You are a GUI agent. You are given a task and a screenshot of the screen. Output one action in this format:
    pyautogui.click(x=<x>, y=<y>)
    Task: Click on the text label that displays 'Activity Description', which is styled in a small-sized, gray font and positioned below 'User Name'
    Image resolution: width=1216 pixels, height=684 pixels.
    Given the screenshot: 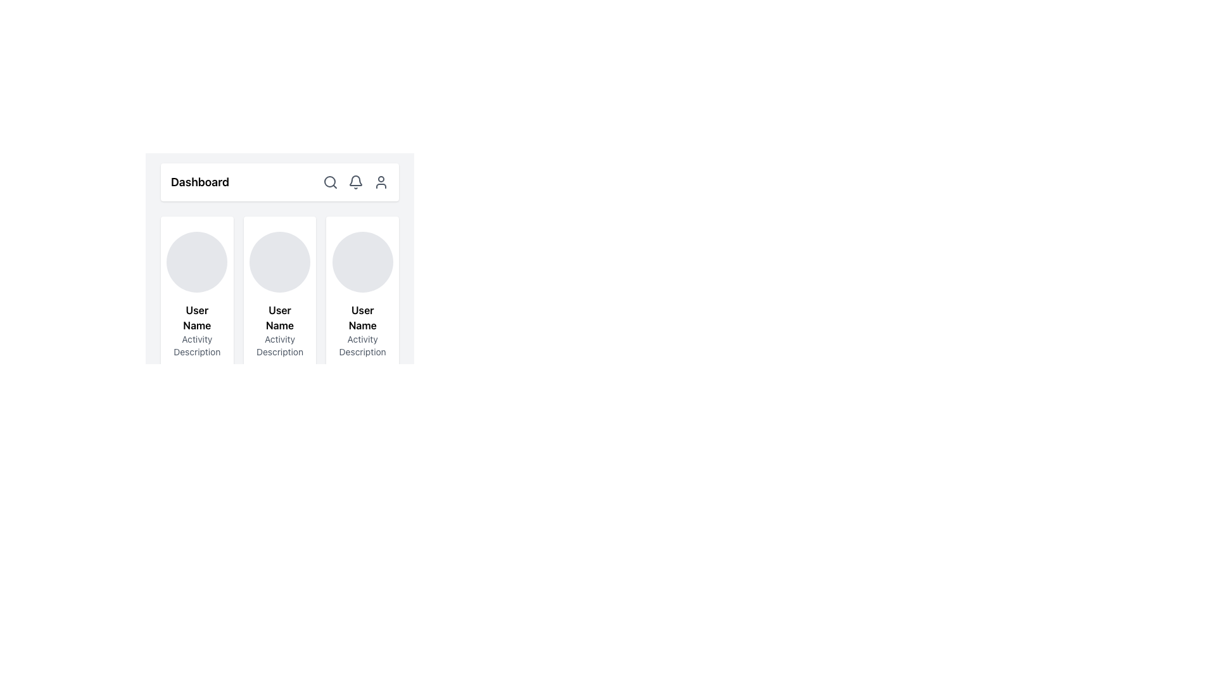 What is the action you would take?
    pyautogui.click(x=196, y=346)
    